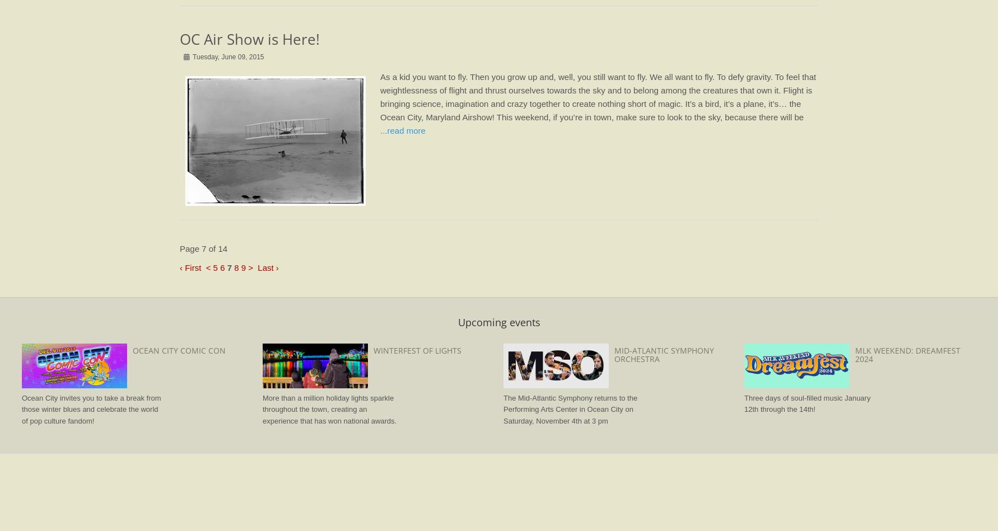 The width and height of the screenshot is (998, 531). I want to click on '8', so click(236, 266).